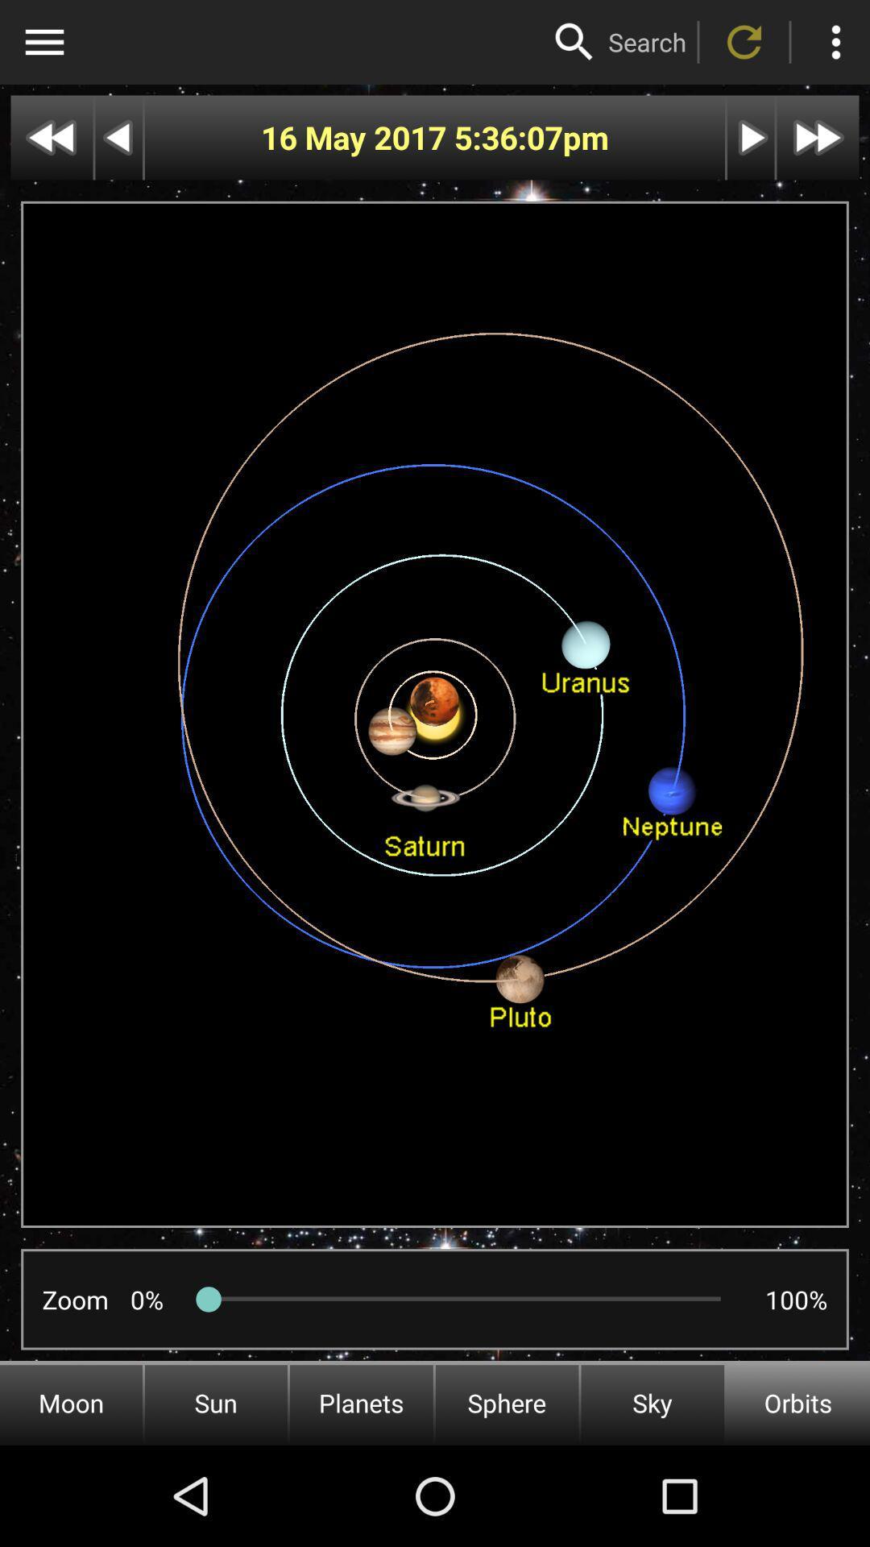  I want to click on the menu icon, so click(43, 42).